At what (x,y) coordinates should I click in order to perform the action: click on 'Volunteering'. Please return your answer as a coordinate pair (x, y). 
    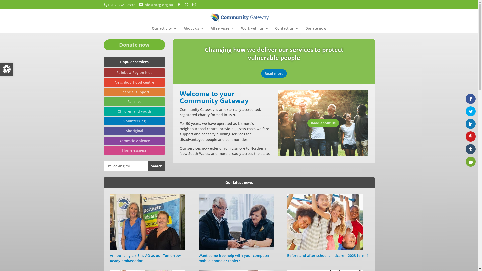
    Looking at the image, I should click on (134, 121).